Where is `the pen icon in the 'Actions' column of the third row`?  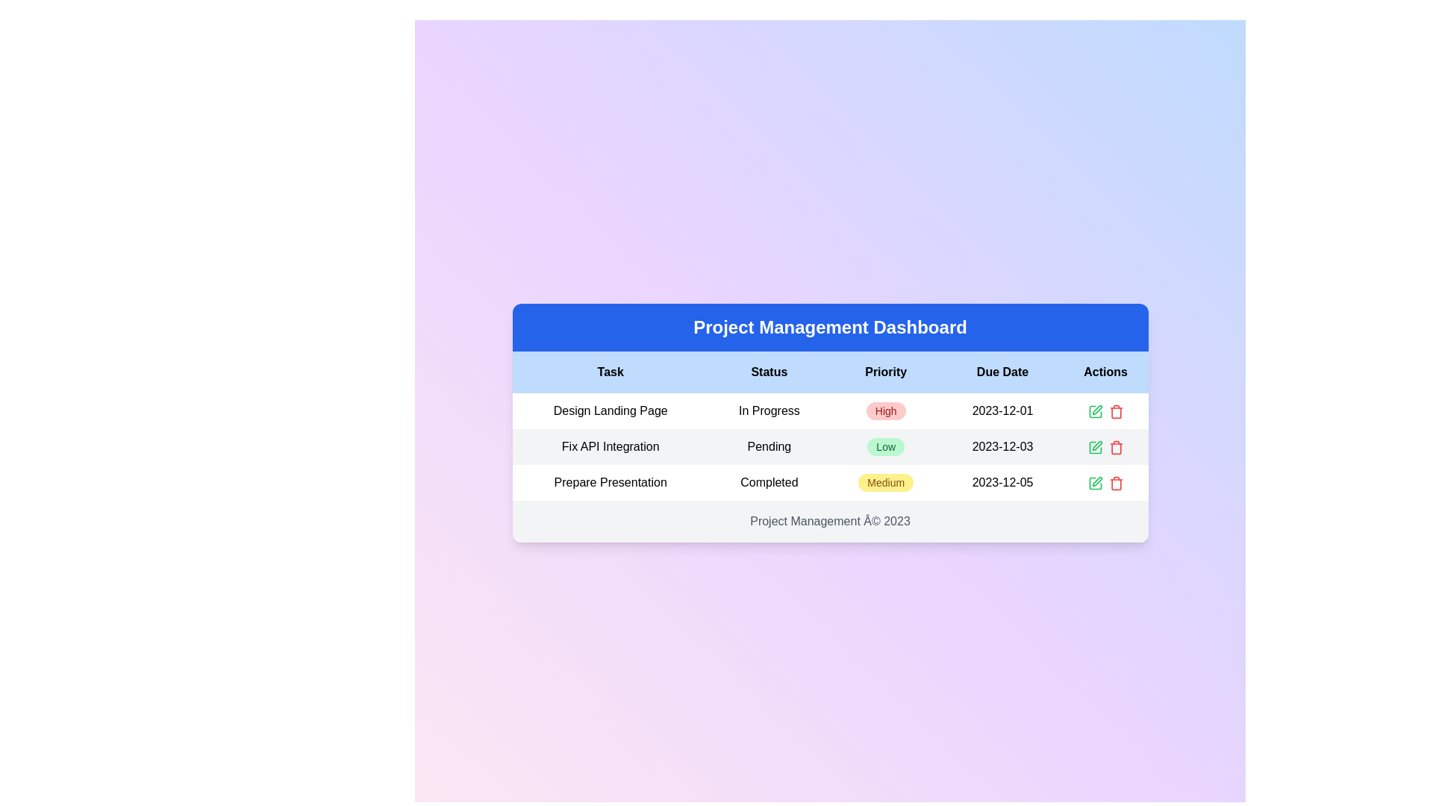
the pen icon in the 'Actions' column of the third row is located at coordinates (1096, 409).